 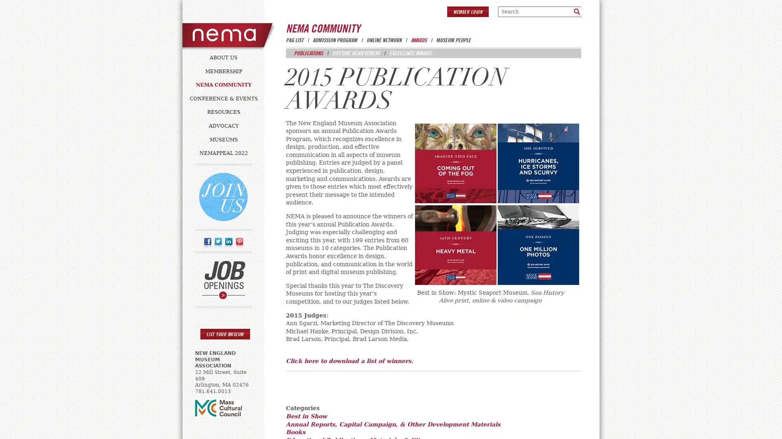 What do you see at coordinates (576, 11) in the screenshot?
I see `Submit` at bounding box center [576, 11].